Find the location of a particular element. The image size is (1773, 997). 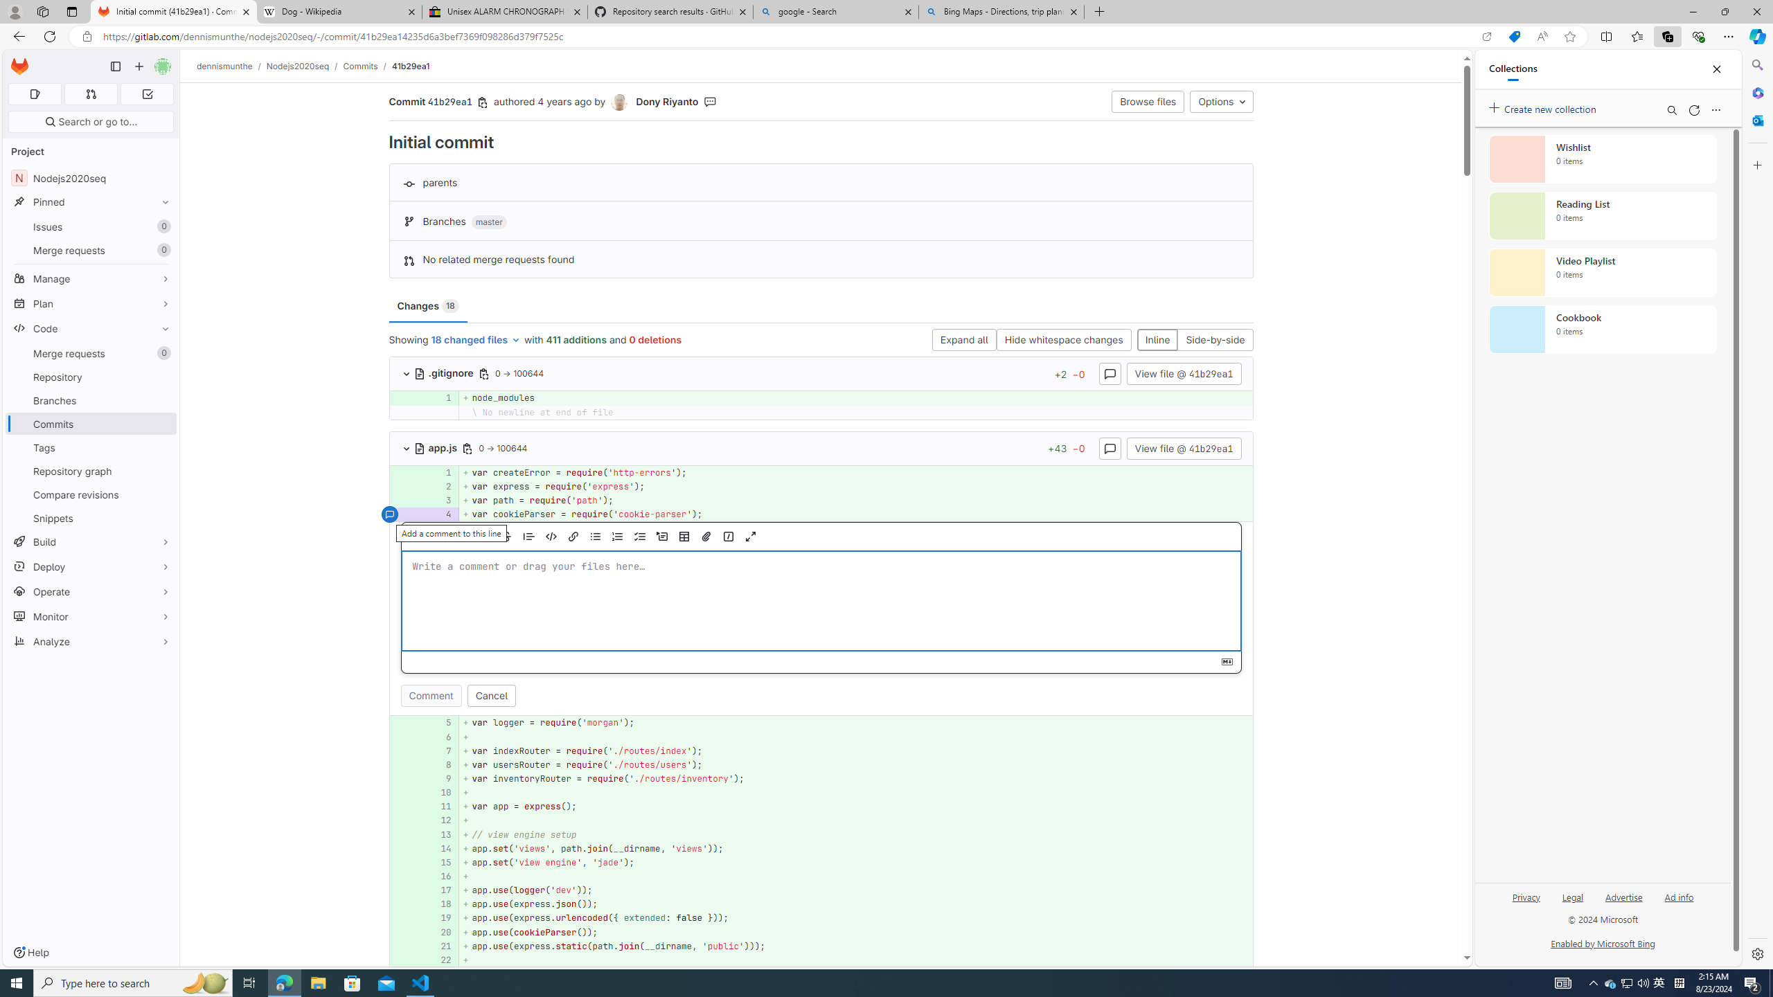

'N Nodejs2020seq' is located at coordinates (90, 177).